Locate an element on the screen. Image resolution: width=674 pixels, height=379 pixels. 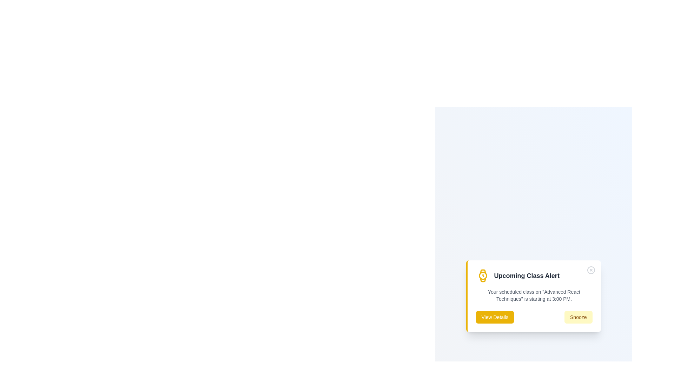
the 'View Details' button to view the class details is located at coordinates (494, 317).